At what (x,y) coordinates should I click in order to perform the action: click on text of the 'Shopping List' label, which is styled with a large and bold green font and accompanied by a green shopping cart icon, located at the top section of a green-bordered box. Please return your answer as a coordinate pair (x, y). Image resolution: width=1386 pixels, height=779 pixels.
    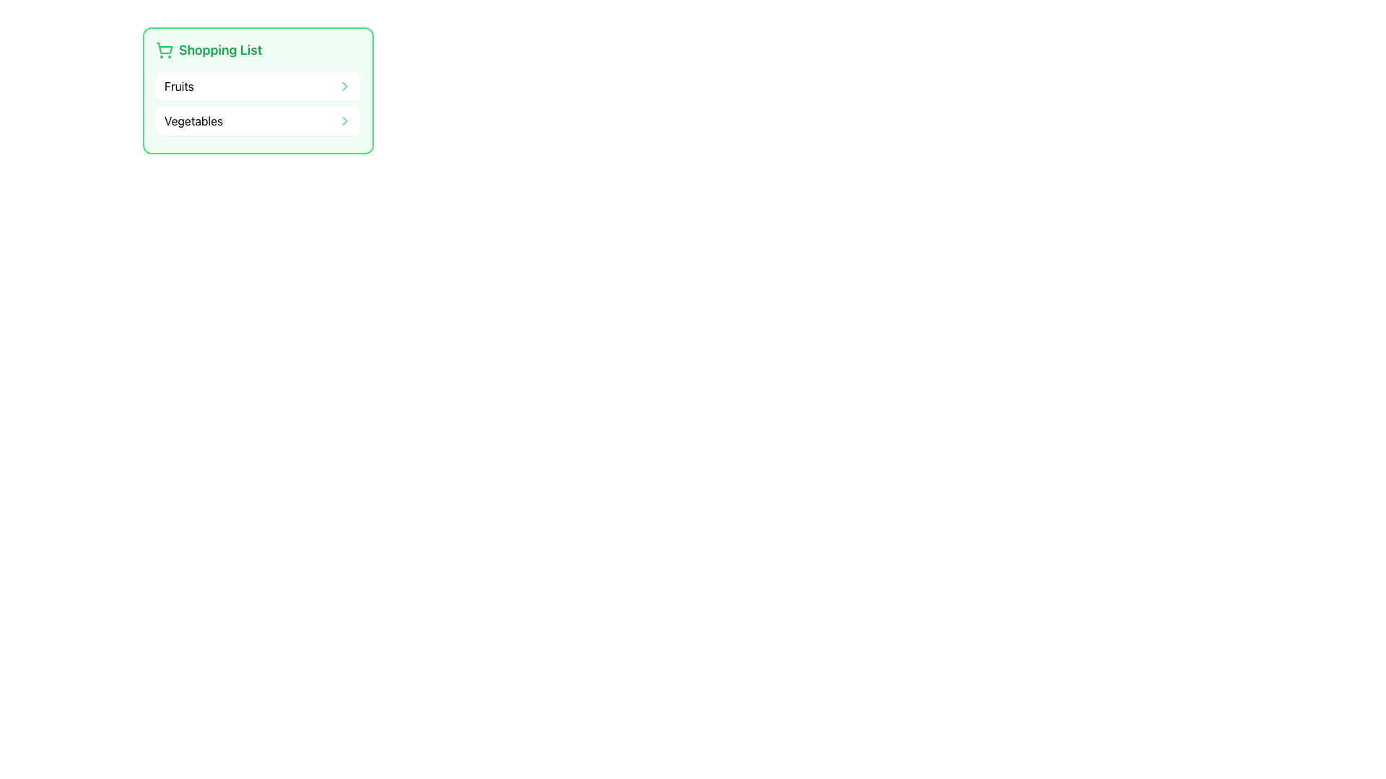
    Looking at the image, I should click on (258, 49).